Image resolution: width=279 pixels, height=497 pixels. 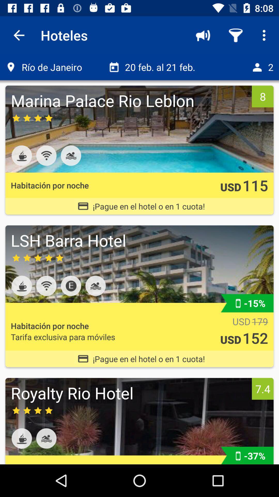 What do you see at coordinates (254, 303) in the screenshot?
I see `-15% icon` at bounding box center [254, 303].